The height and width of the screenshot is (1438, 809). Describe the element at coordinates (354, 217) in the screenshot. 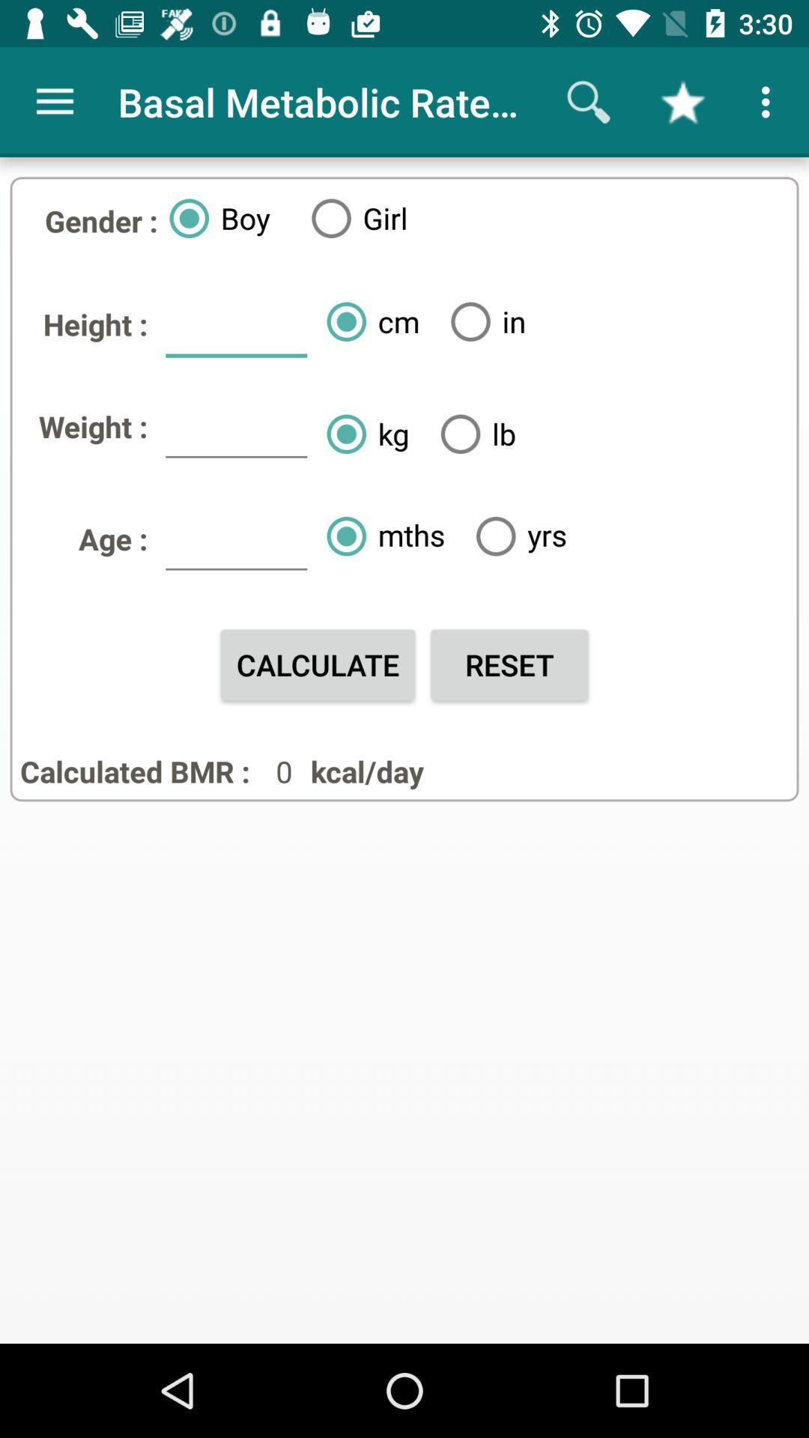

I see `item to the right of boy icon` at that location.